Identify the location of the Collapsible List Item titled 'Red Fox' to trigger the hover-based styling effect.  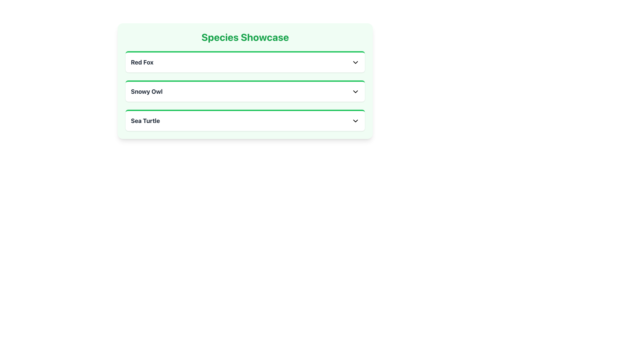
(245, 61).